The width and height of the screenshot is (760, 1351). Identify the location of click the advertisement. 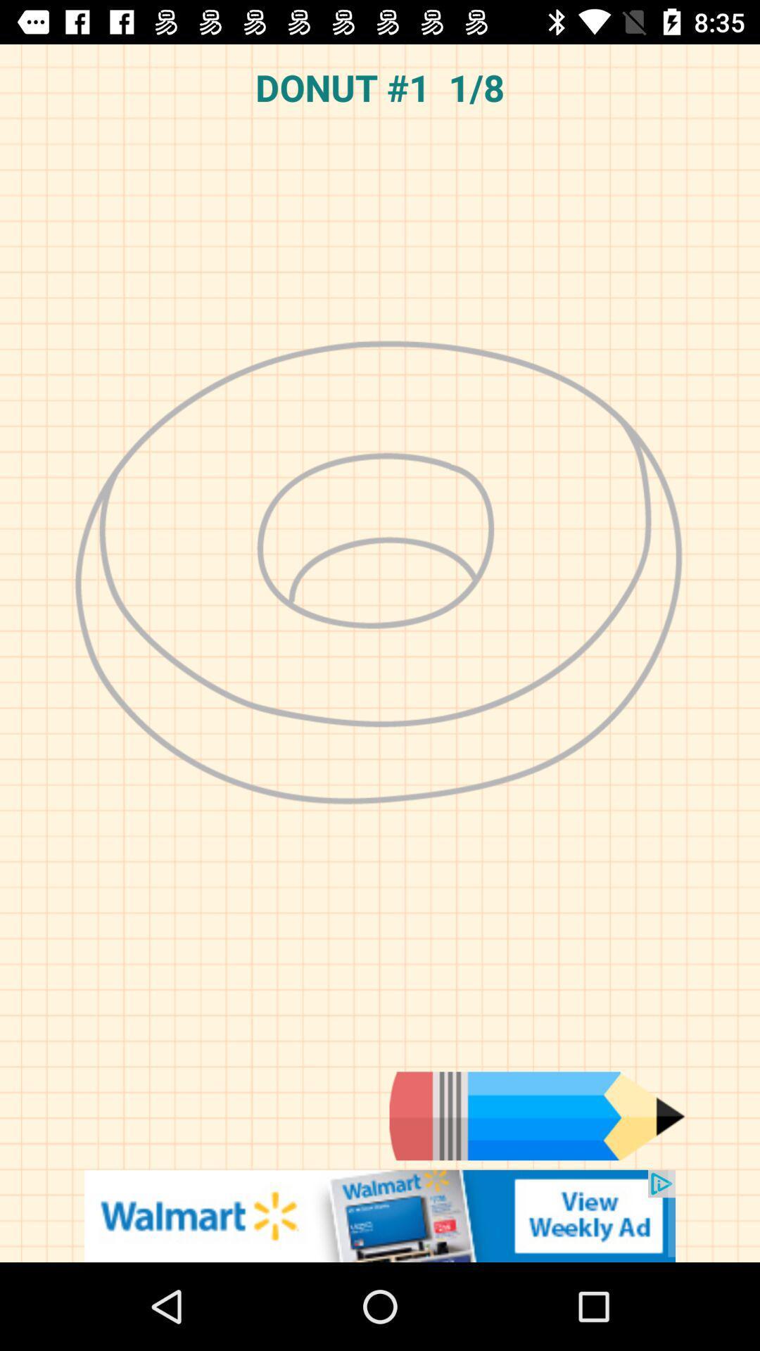
(380, 1215).